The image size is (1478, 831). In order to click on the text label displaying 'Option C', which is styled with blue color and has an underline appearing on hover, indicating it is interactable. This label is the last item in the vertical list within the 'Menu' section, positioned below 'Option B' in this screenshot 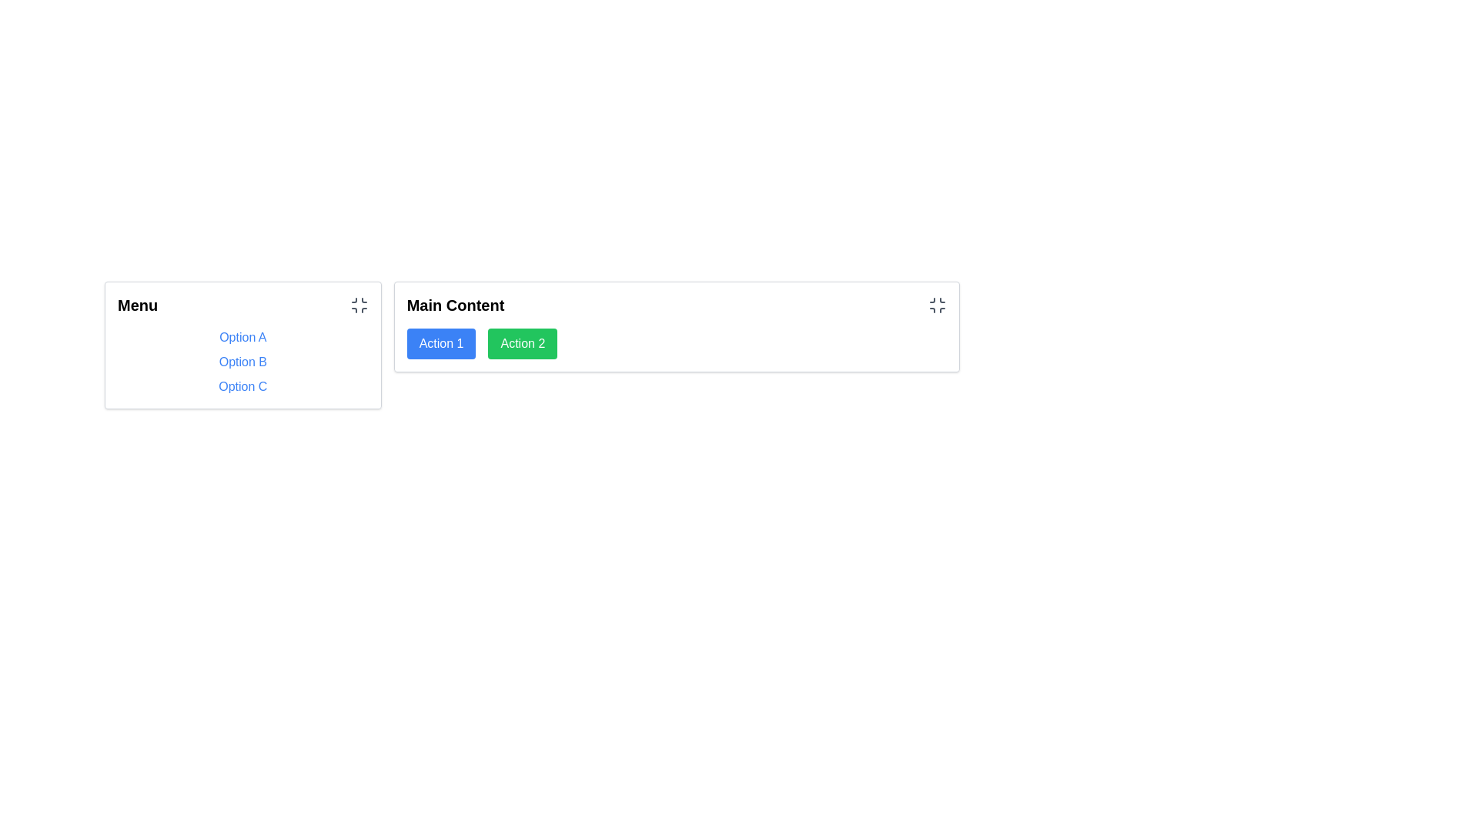, I will do `click(242, 385)`.